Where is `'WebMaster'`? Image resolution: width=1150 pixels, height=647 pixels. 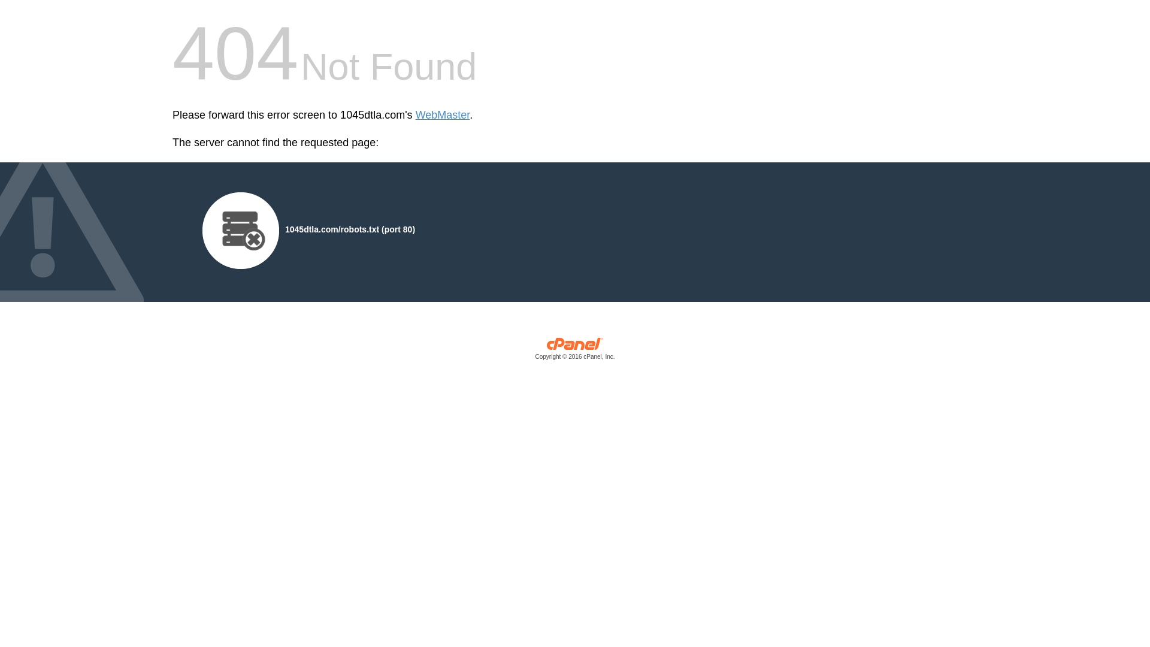 'WebMaster' is located at coordinates (442, 115).